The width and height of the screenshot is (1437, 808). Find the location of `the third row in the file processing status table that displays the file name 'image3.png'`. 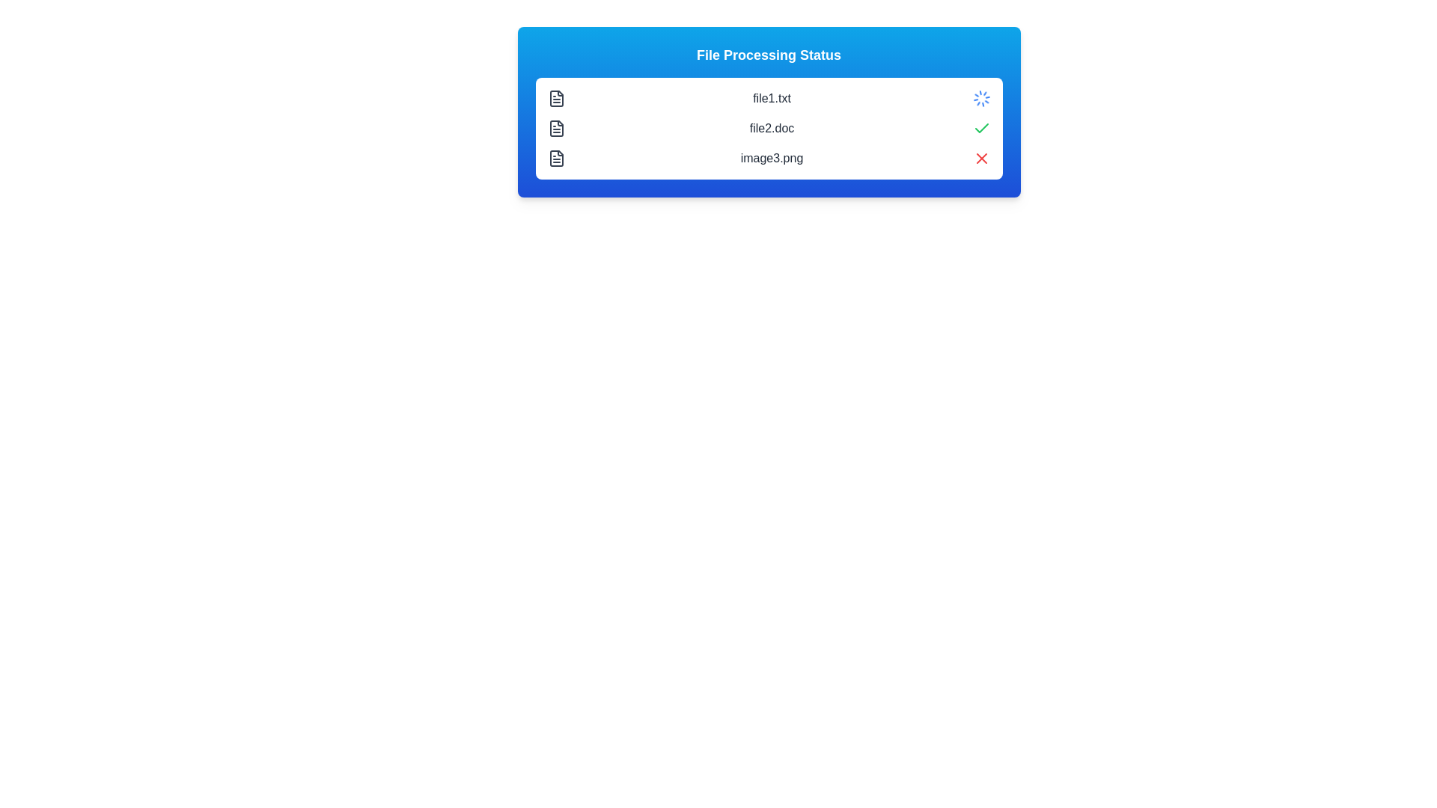

the third row in the file processing status table that displays the file name 'image3.png' is located at coordinates (769, 159).